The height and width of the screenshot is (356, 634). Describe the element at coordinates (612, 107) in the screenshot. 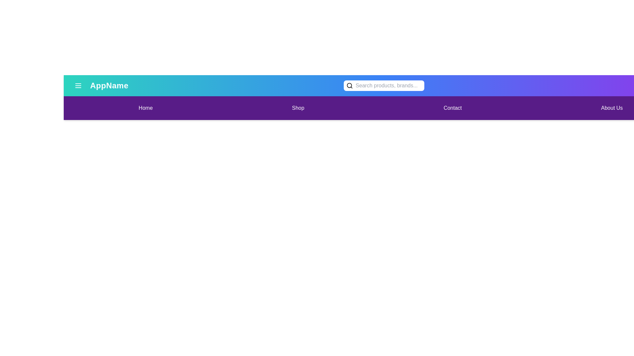

I see `the 'About Us' button, which is a rounded rectangular button with white text on a purple background, located as the last element in the navigation menu` at that location.